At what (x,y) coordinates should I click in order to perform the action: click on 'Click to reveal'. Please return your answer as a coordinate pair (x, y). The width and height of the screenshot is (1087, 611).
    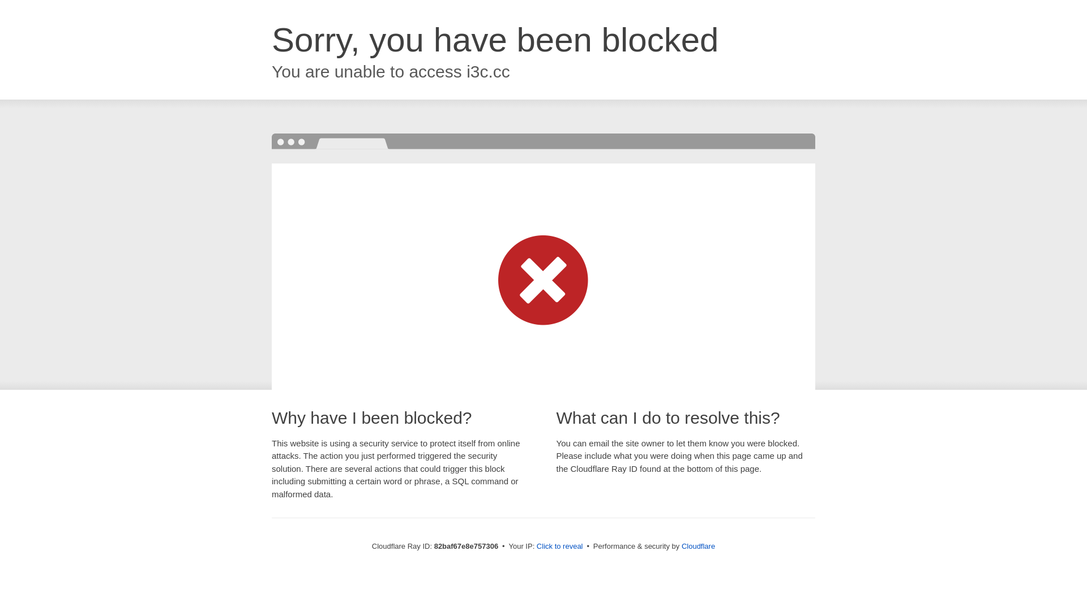
    Looking at the image, I should click on (559, 545).